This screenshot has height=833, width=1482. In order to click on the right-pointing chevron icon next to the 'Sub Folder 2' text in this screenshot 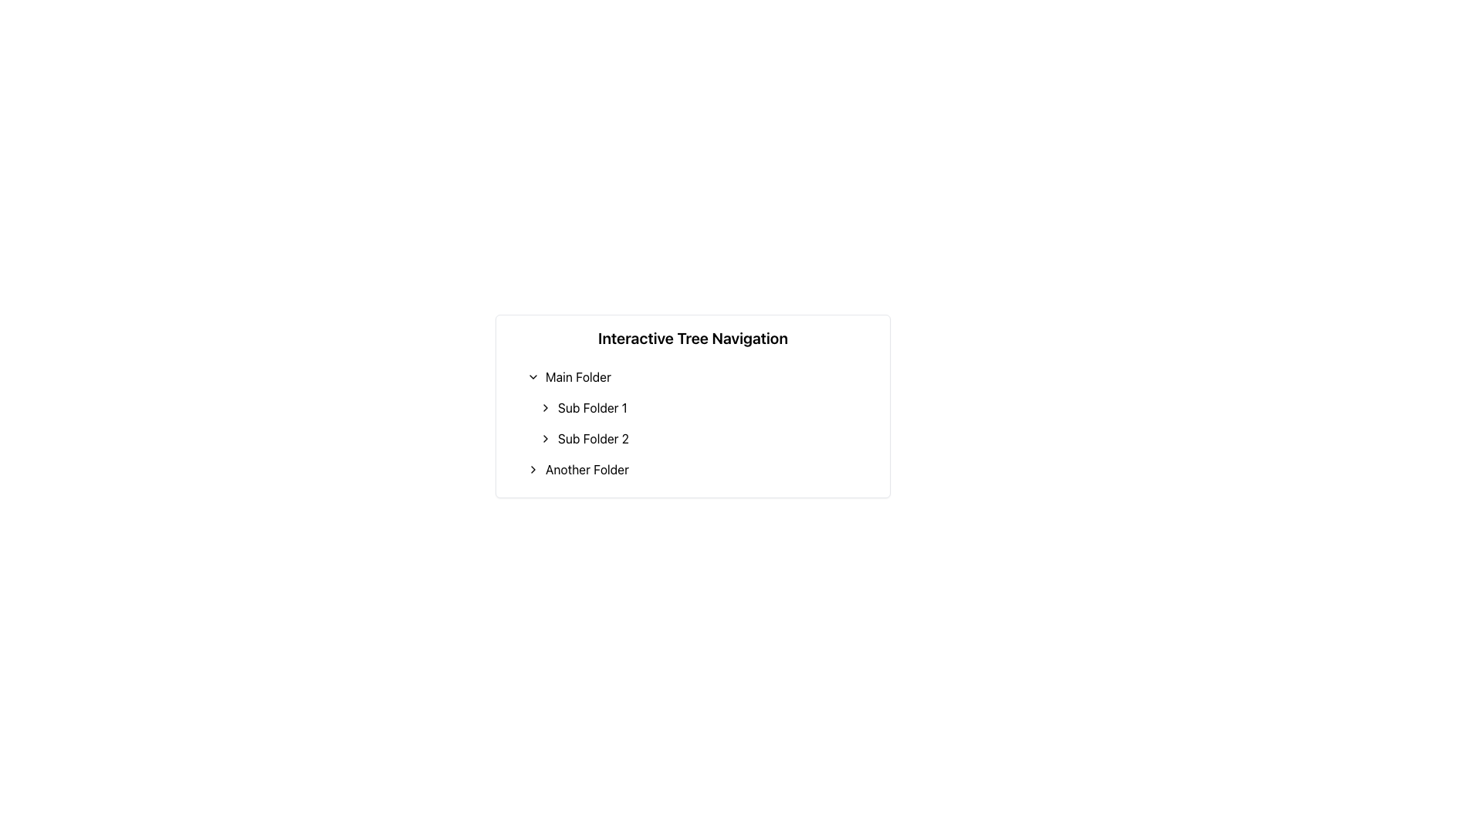, I will do `click(545, 439)`.